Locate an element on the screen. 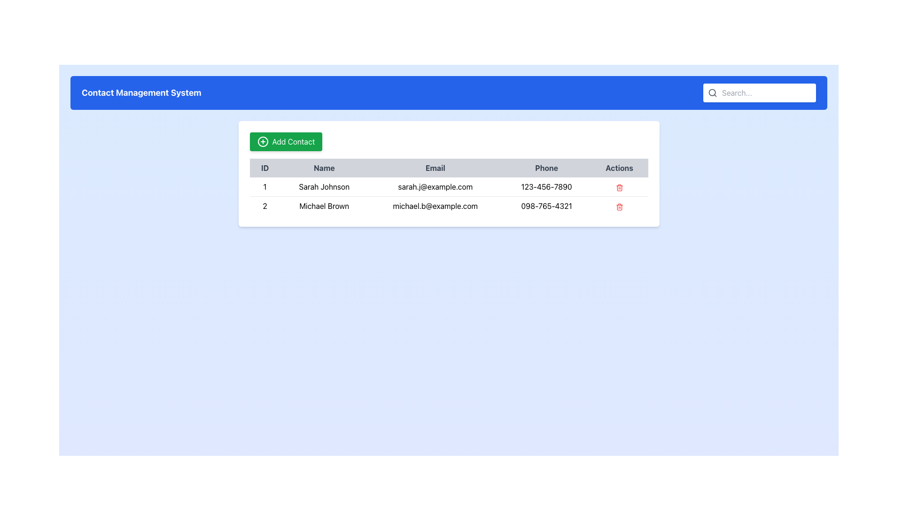 The image size is (902, 507). the static text displaying 'sarah.j@example.com' which is located in the first row under the 'Email' column of a data table is located at coordinates (435, 187).